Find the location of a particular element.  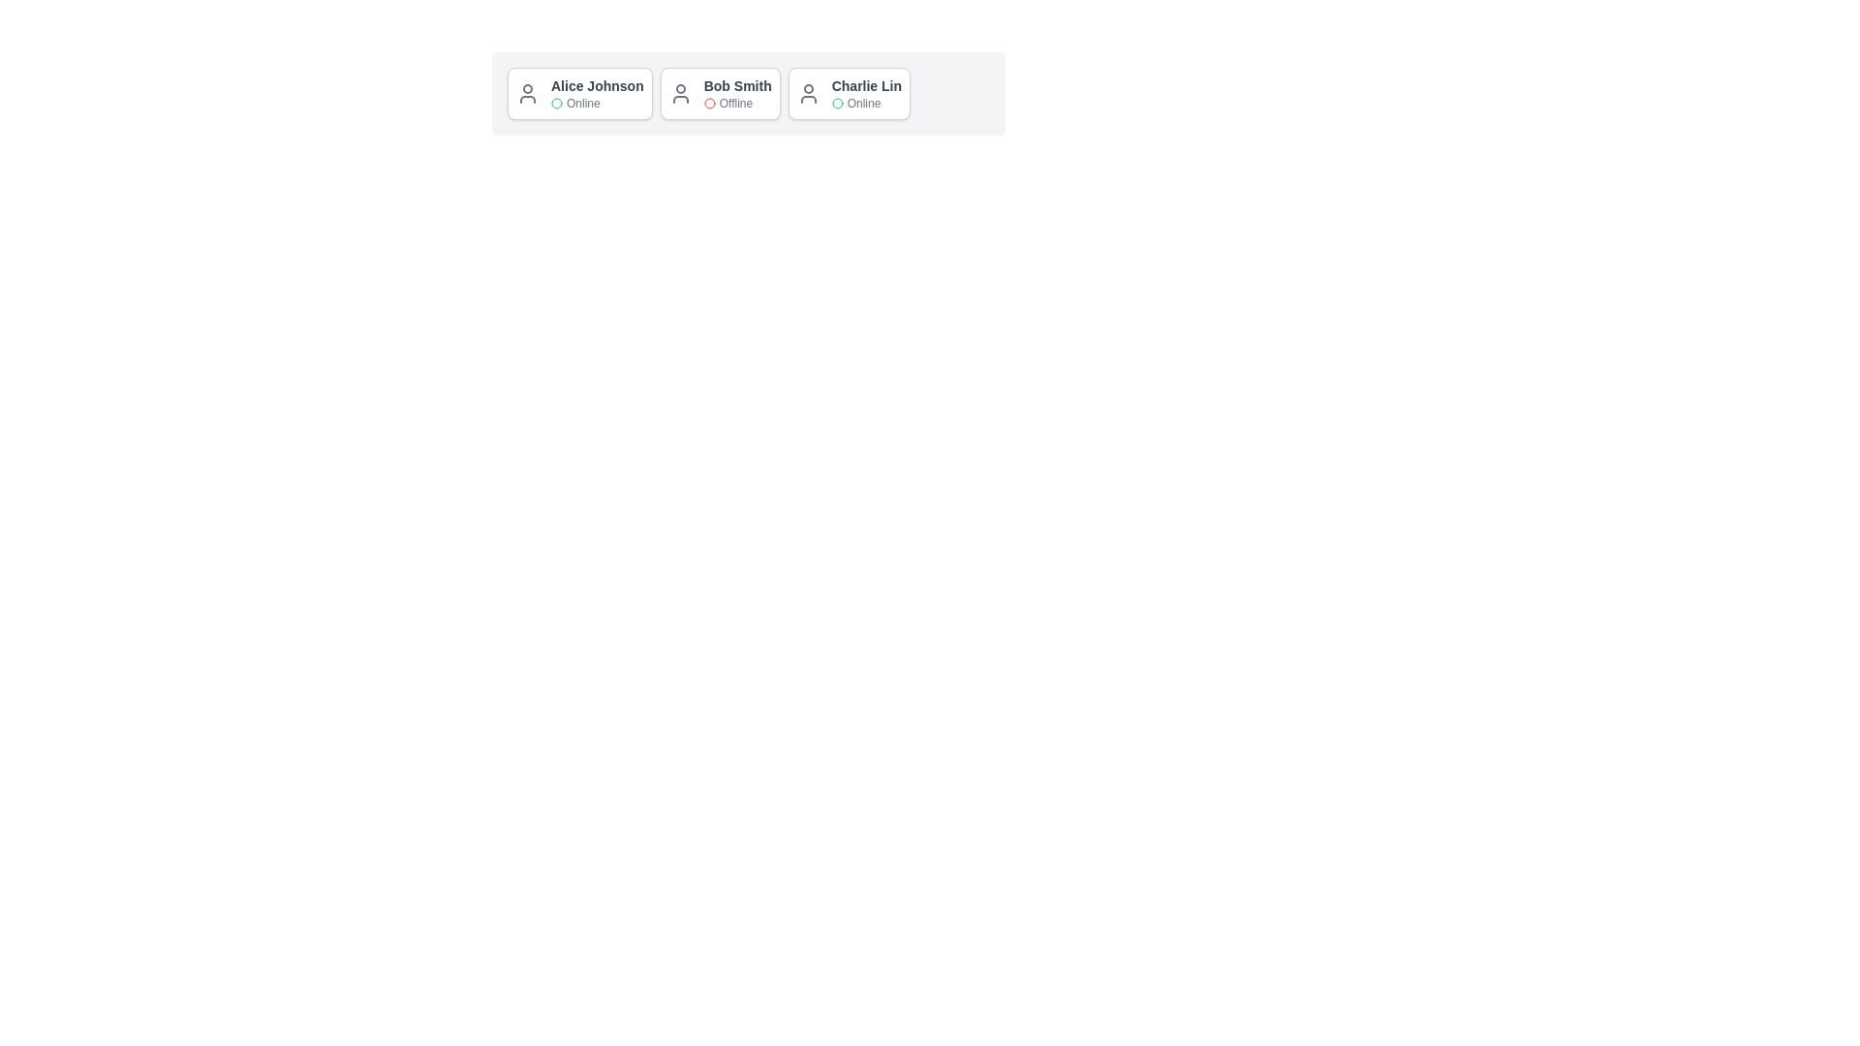

the card of Bob Smith to select it is located at coordinates (719, 93).